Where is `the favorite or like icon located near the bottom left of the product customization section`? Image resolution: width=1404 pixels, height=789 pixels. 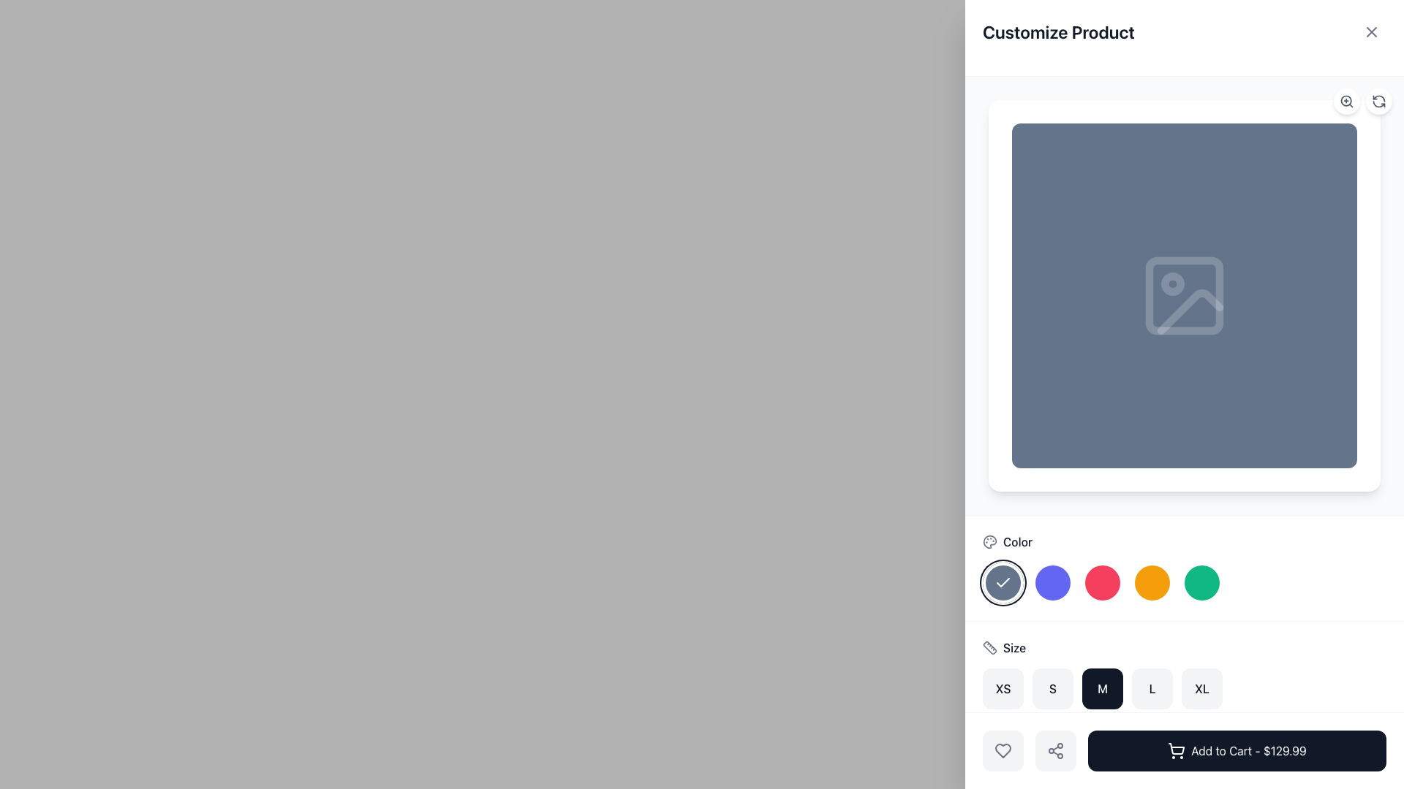 the favorite or like icon located near the bottom left of the product customization section is located at coordinates (1003, 751).